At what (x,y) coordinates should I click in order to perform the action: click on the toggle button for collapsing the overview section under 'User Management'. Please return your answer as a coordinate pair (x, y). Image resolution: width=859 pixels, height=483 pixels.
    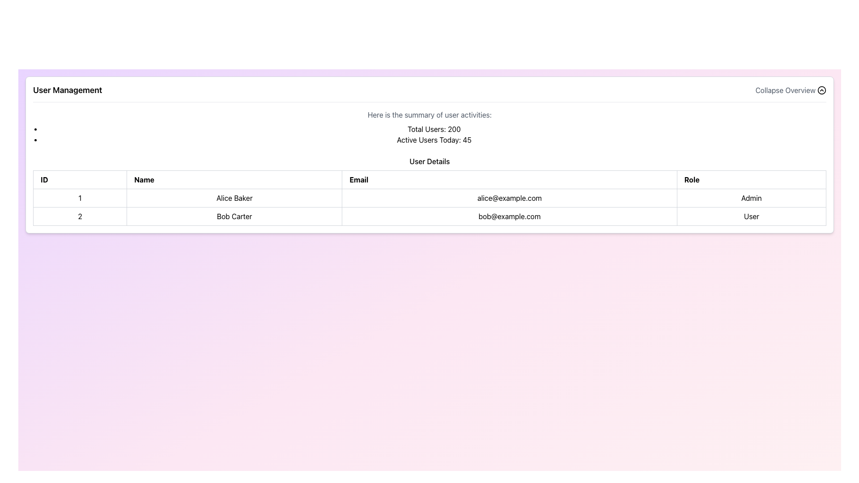
    Looking at the image, I should click on (791, 90).